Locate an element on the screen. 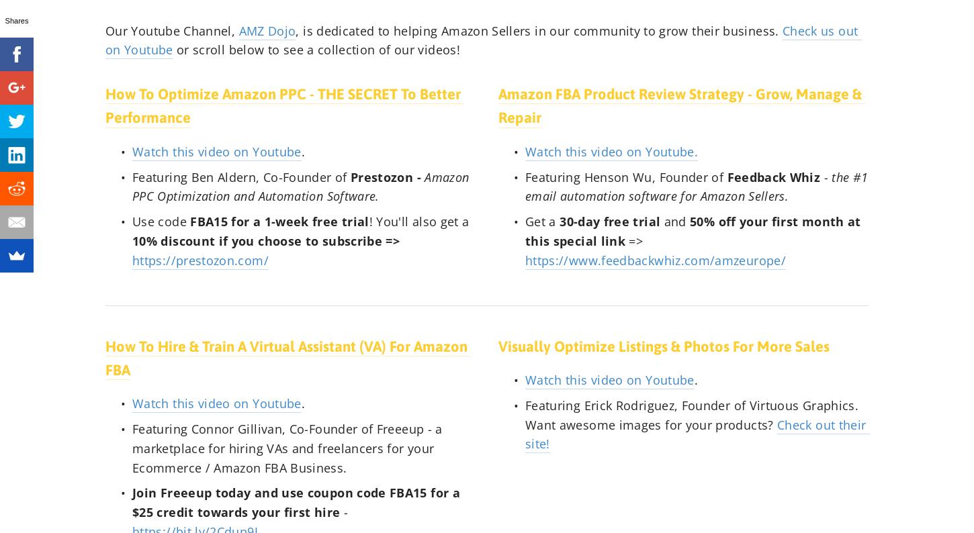  'Featuring Henson Wu, Founder of' is located at coordinates (625, 175).